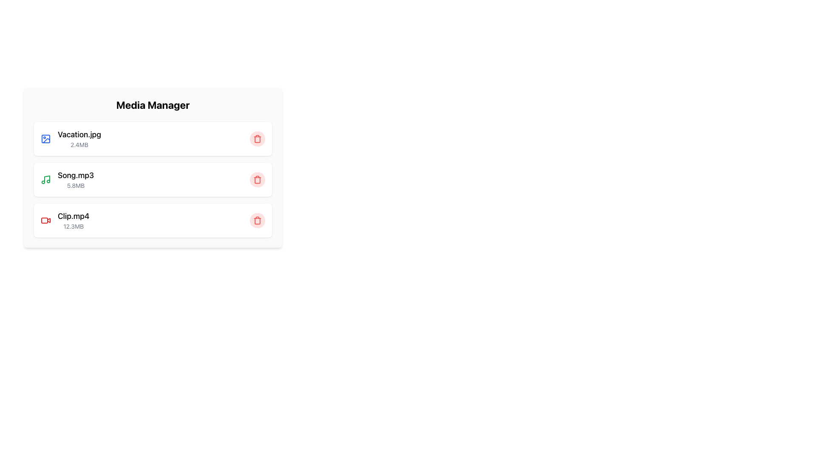 Image resolution: width=816 pixels, height=459 pixels. What do you see at coordinates (257, 139) in the screenshot?
I see `the delete button for the item 'Vacation.jpg'` at bounding box center [257, 139].